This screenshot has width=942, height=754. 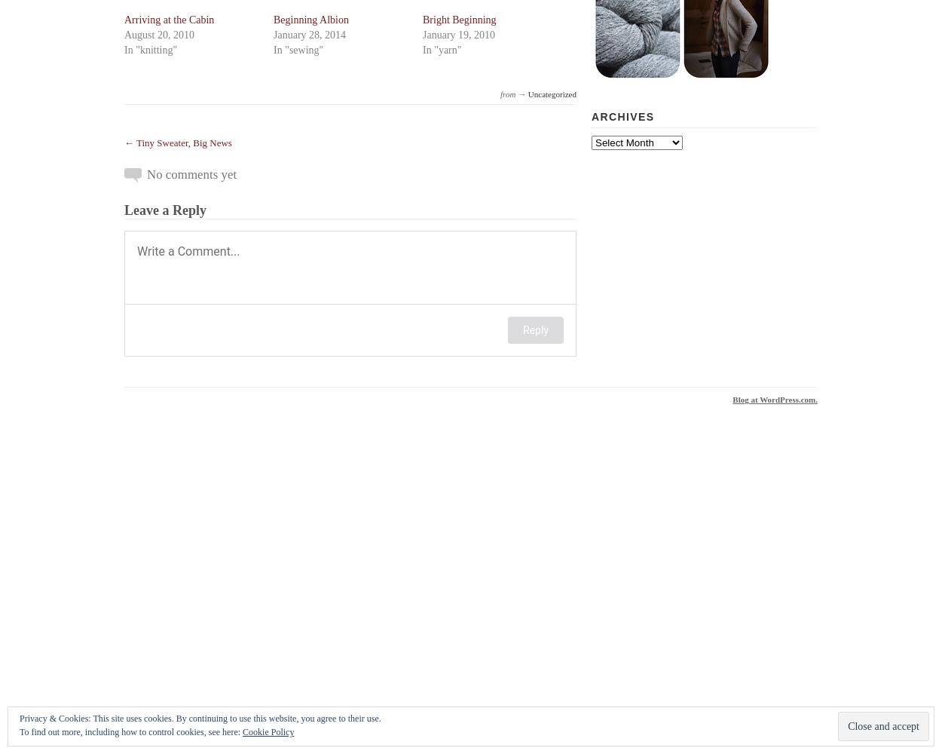 What do you see at coordinates (124, 142) in the screenshot?
I see `'← Tiny Sweater, Big News'` at bounding box center [124, 142].